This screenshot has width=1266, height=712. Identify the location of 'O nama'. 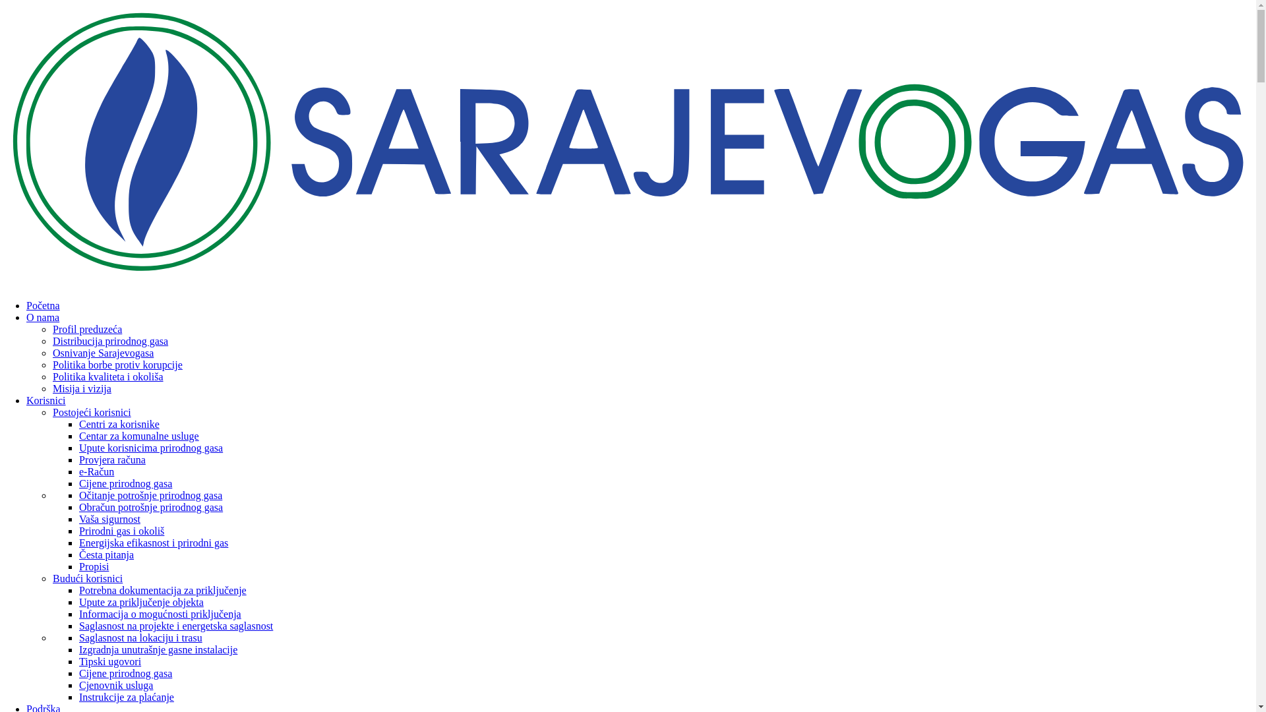
(43, 317).